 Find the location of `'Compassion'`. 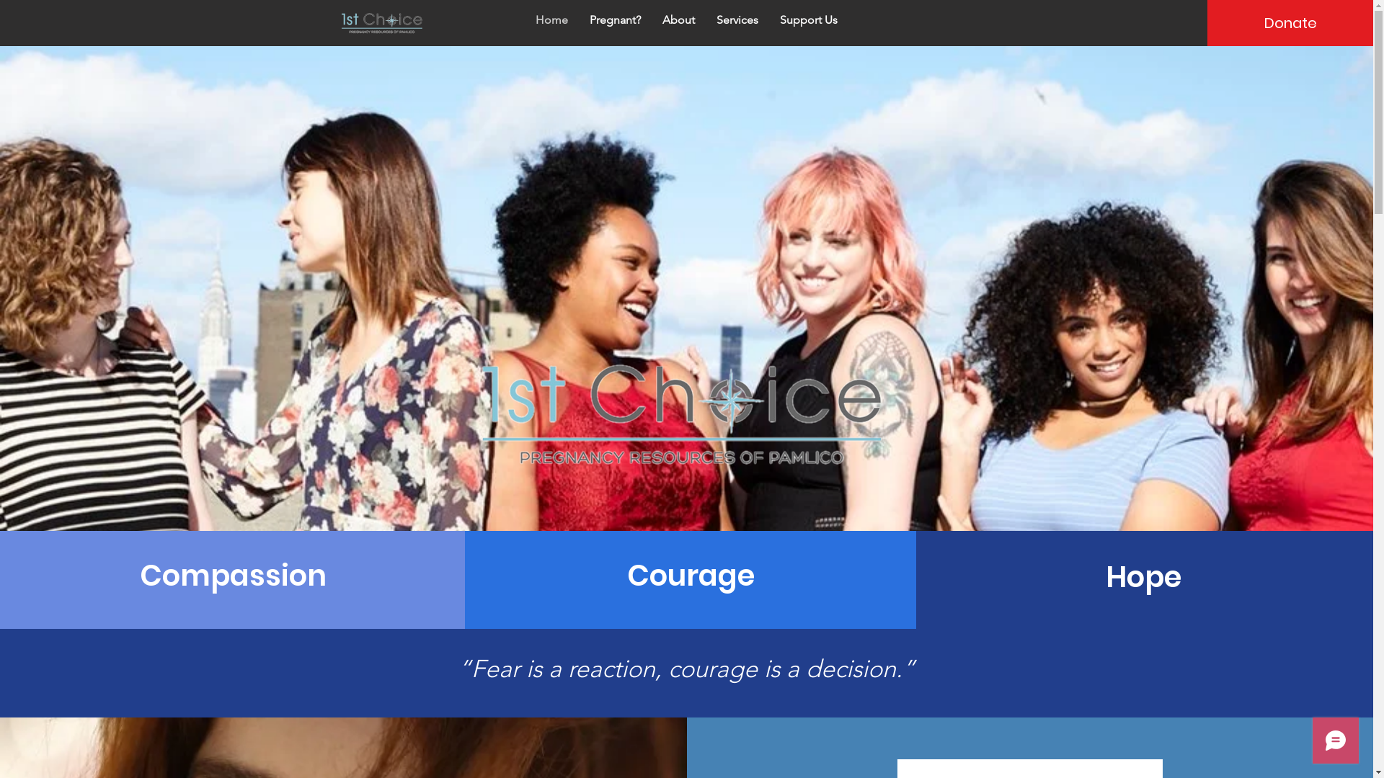

'Compassion' is located at coordinates (233, 574).